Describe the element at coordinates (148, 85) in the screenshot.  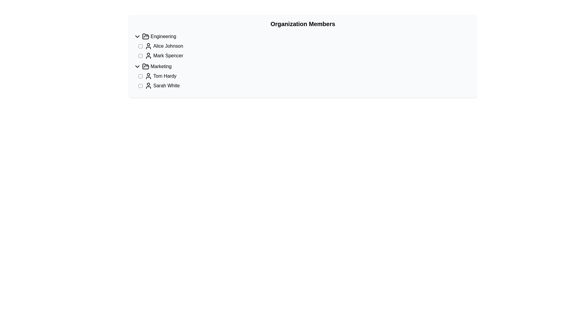
I see `the user silhouette icon located to the left of the text 'Sarah White' in the 'Marketing' section of the 'Organization Members' list` at that location.